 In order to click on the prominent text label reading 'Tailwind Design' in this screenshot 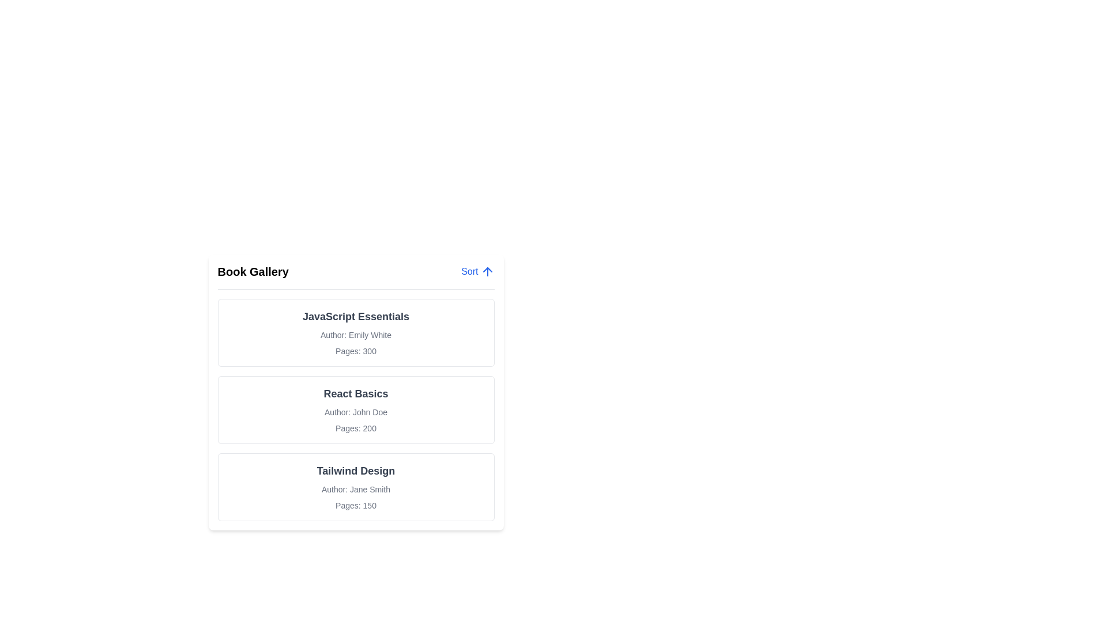, I will do `click(355, 471)`.